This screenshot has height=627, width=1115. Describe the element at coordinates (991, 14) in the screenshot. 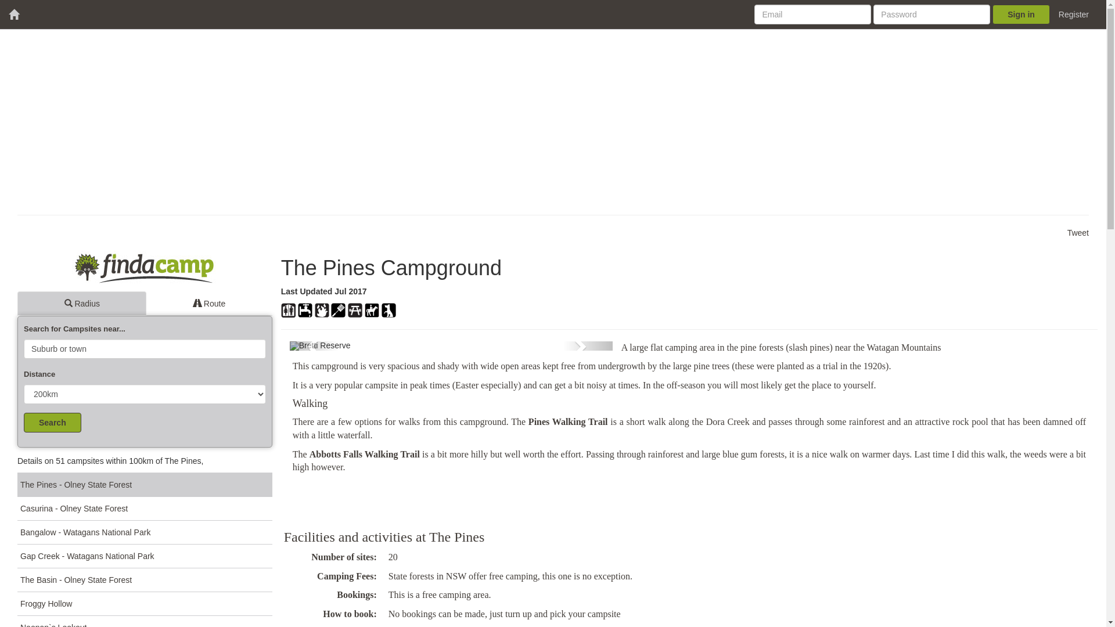

I see `'Sign in'` at that location.